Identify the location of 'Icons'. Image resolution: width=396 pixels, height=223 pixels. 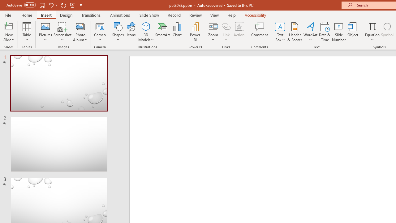
(131, 32).